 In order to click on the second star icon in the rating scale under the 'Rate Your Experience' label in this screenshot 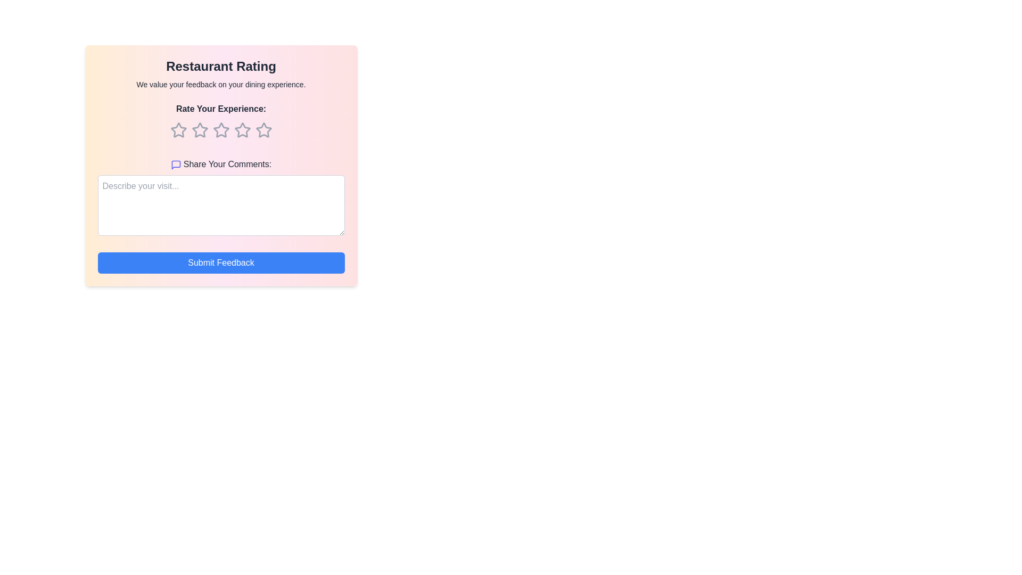, I will do `click(220, 129)`.